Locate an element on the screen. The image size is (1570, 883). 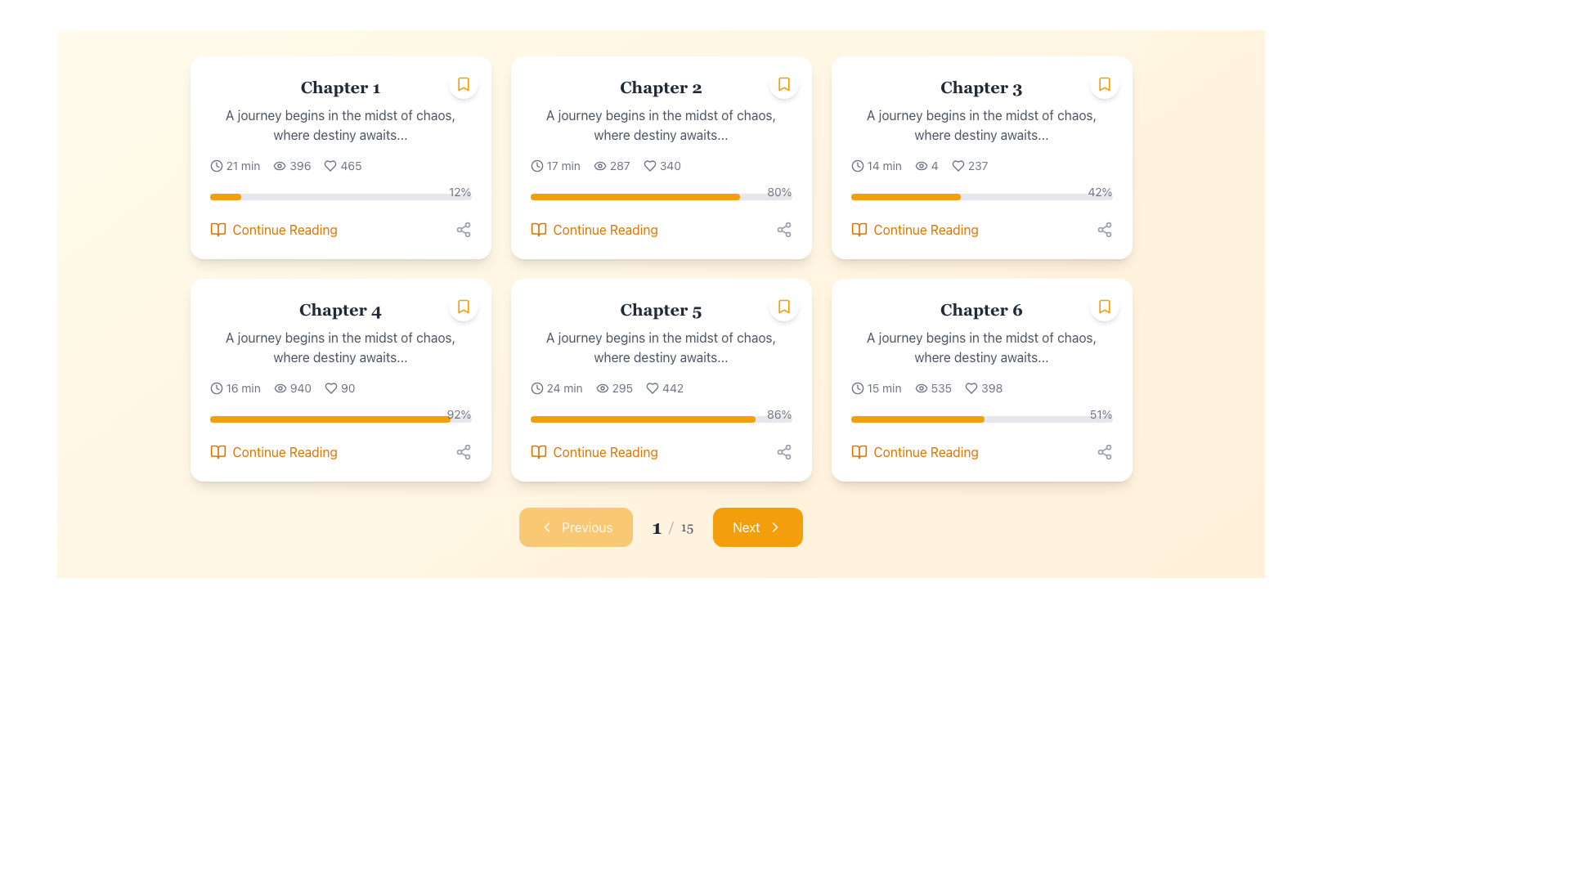
the 'Continue Reading' button located in the bottom section of the fourth card is located at coordinates (339, 451).